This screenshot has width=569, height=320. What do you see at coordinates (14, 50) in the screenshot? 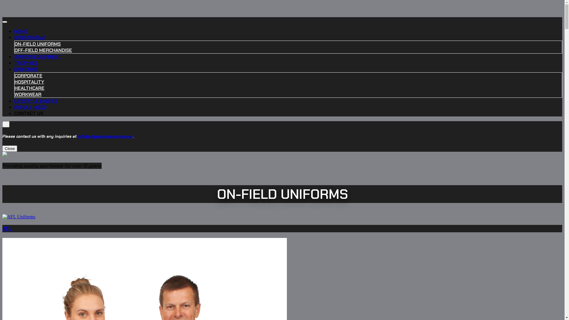
I see `'OFF-FIELD MERCHANDISE'` at bounding box center [14, 50].